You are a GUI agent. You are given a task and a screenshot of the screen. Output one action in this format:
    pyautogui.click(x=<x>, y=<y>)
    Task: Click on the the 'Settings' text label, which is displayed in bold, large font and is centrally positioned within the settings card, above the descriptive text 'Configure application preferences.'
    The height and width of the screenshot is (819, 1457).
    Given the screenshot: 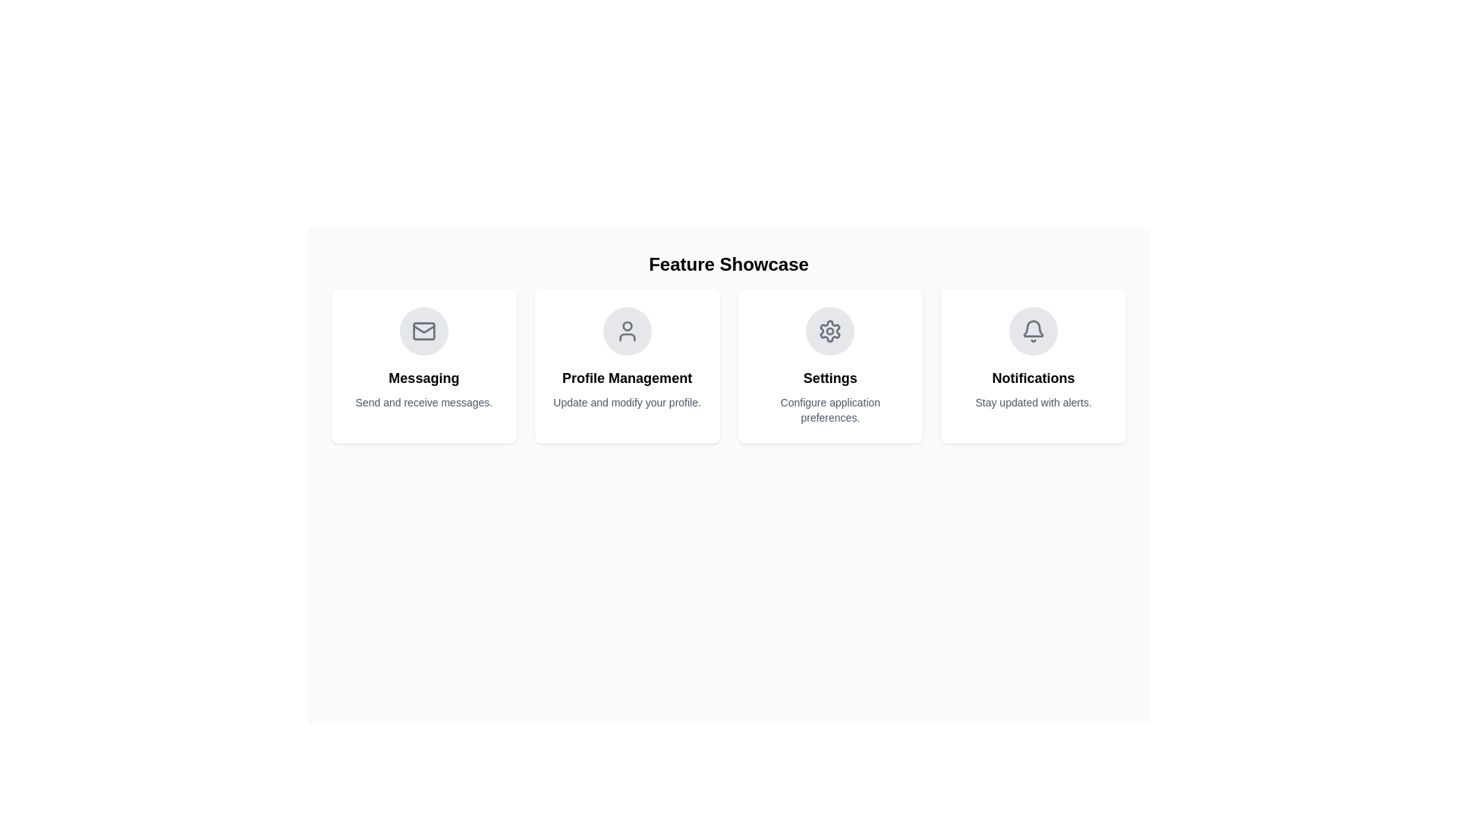 What is the action you would take?
    pyautogui.click(x=829, y=377)
    